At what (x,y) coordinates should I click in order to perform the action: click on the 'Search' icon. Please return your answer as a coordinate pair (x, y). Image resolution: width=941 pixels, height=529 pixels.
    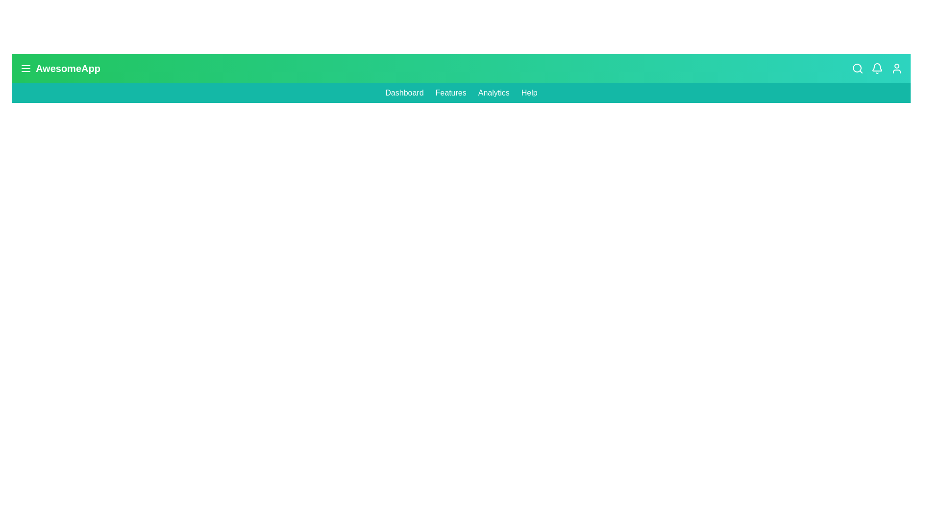
    Looking at the image, I should click on (857, 68).